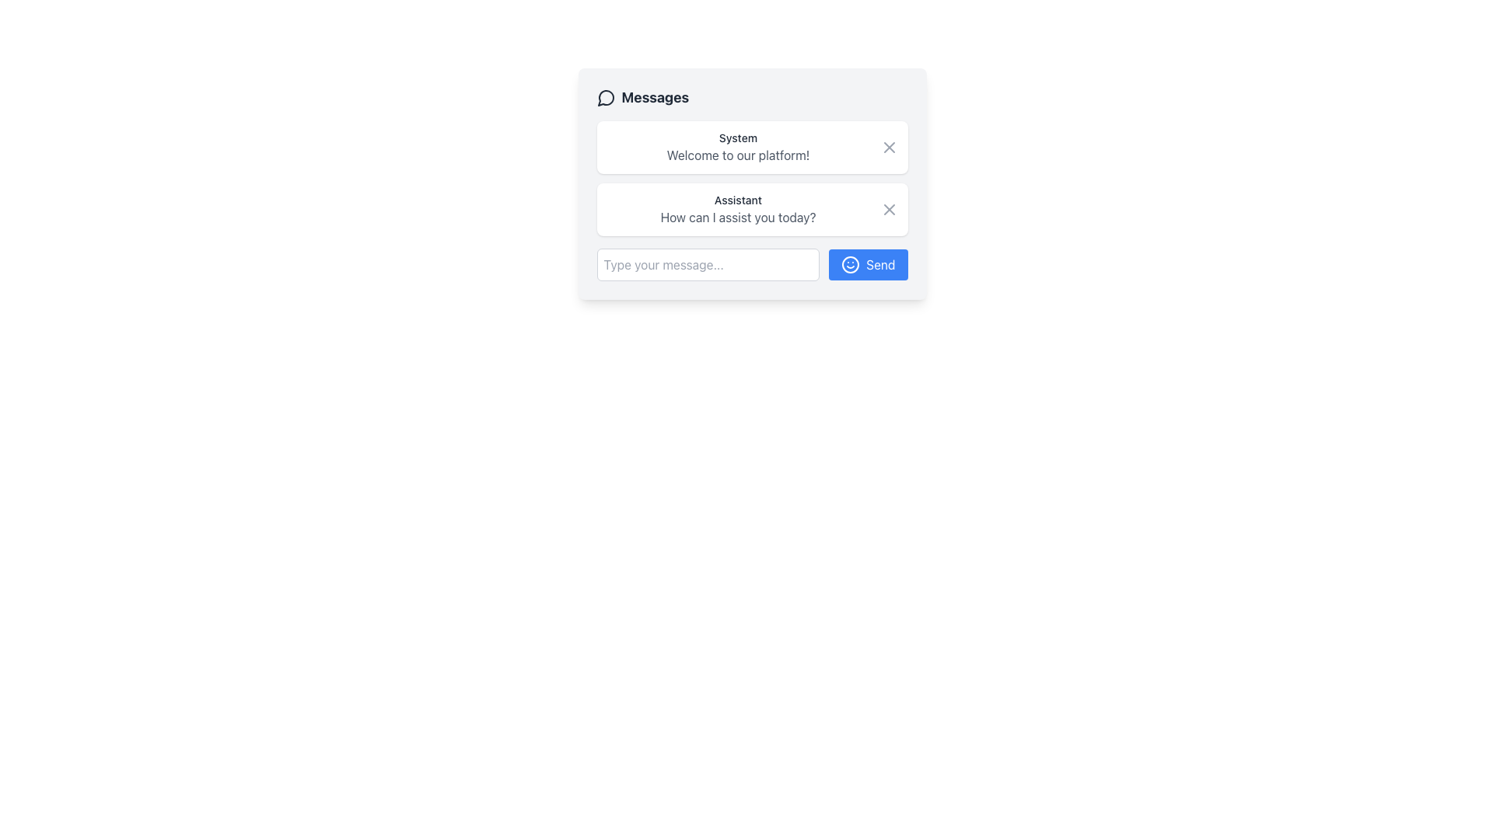 The image size is (1493, 839). I want to click on the smiling face icon, which is a blue circular outline with two dots for eyes and a curved mouth, located to the left of the 'Send' button in the chat interface, so click(850, 263).